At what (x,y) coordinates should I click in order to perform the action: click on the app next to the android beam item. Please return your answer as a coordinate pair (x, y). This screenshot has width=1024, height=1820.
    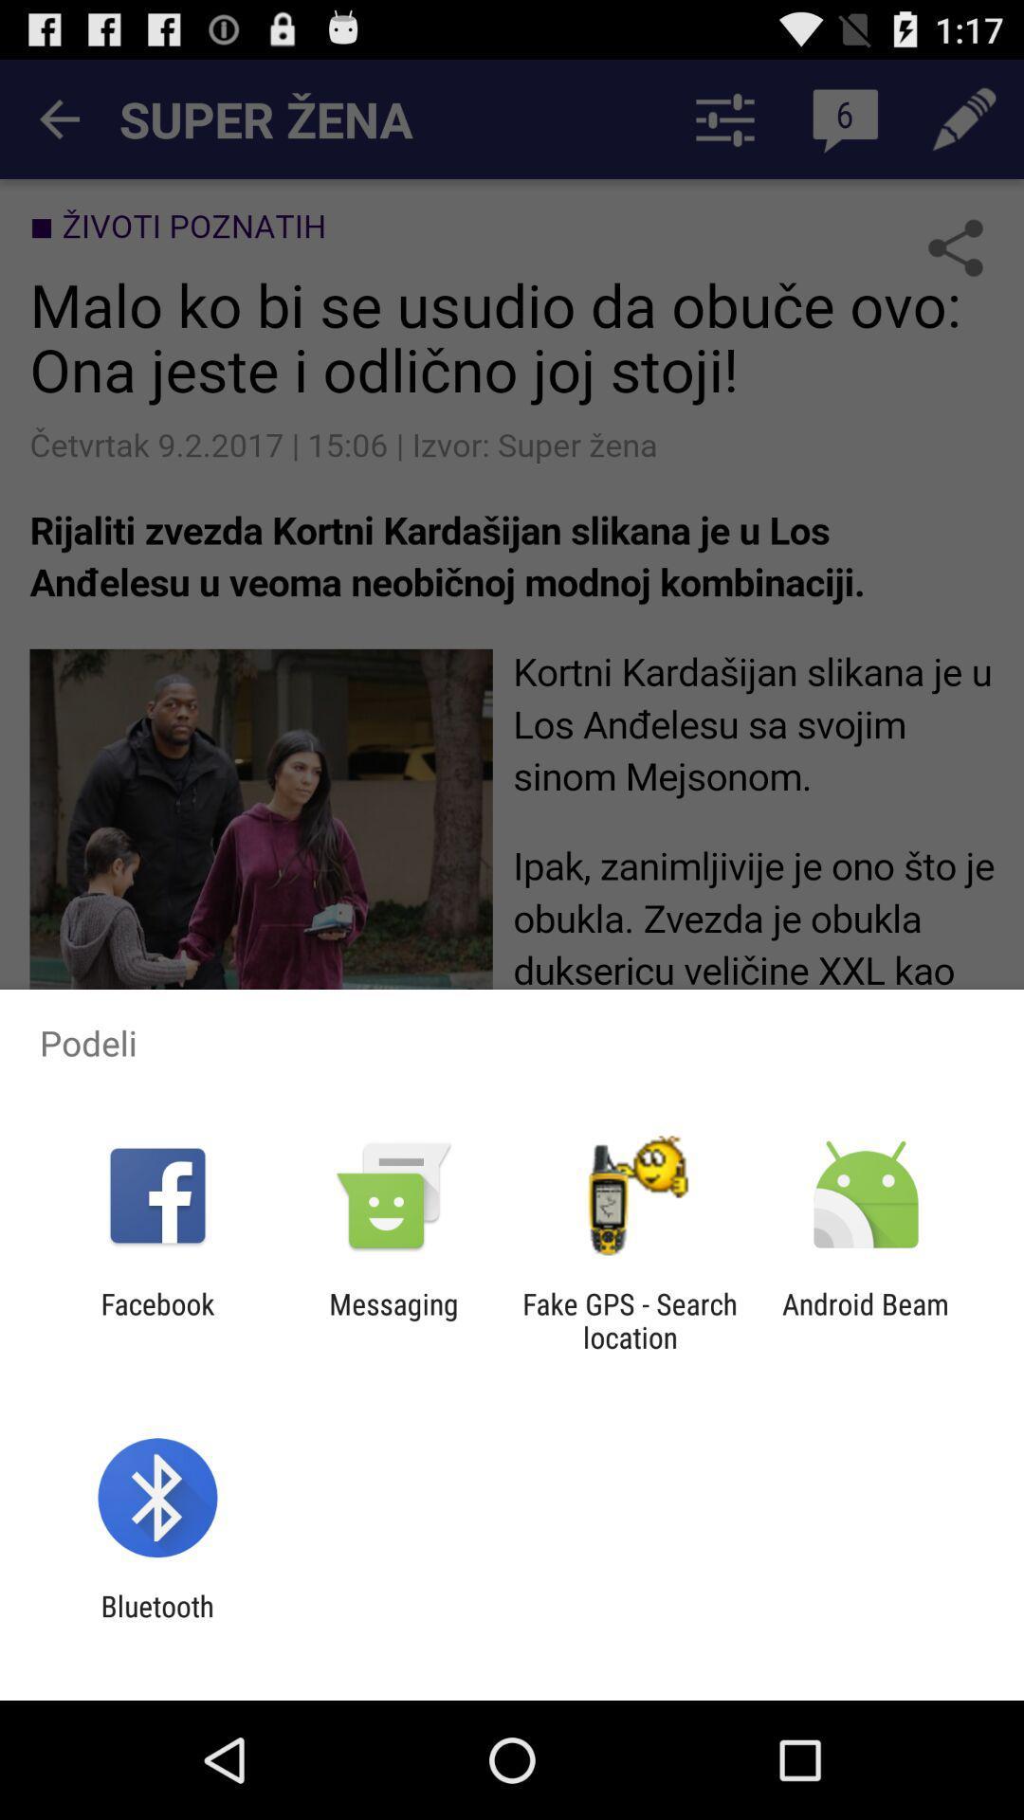
    Looking at the image, I should click on (630, 1319).